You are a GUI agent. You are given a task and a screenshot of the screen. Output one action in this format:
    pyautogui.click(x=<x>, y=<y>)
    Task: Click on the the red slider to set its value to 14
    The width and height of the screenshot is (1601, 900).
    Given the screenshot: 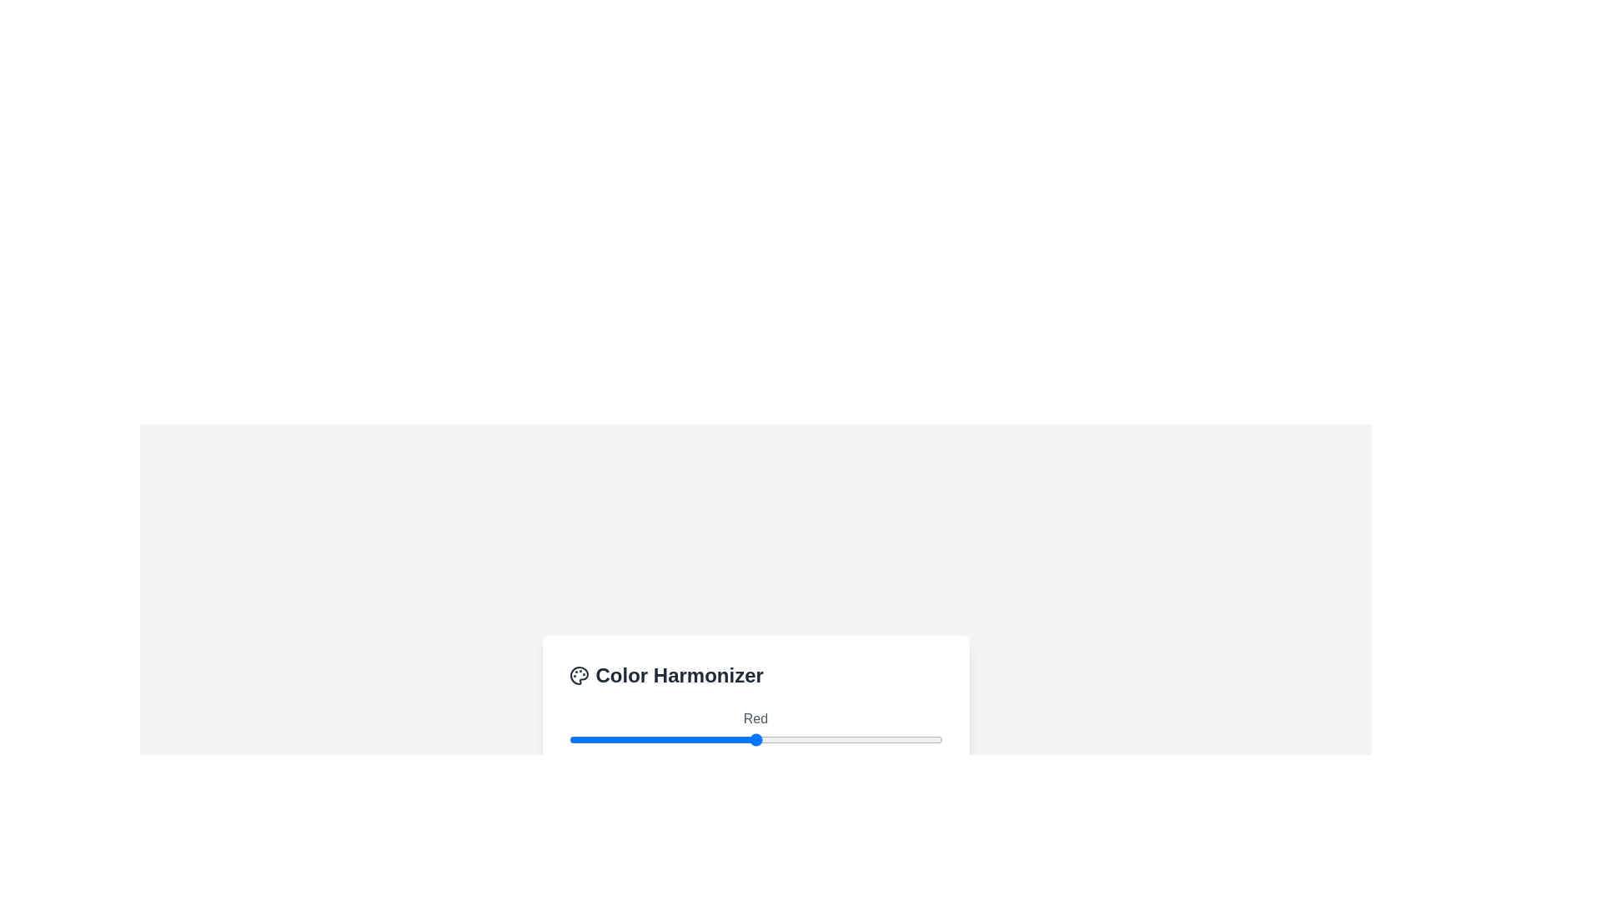 What is the action you would take?
    pyautogui.click(x=590, y=738)
    